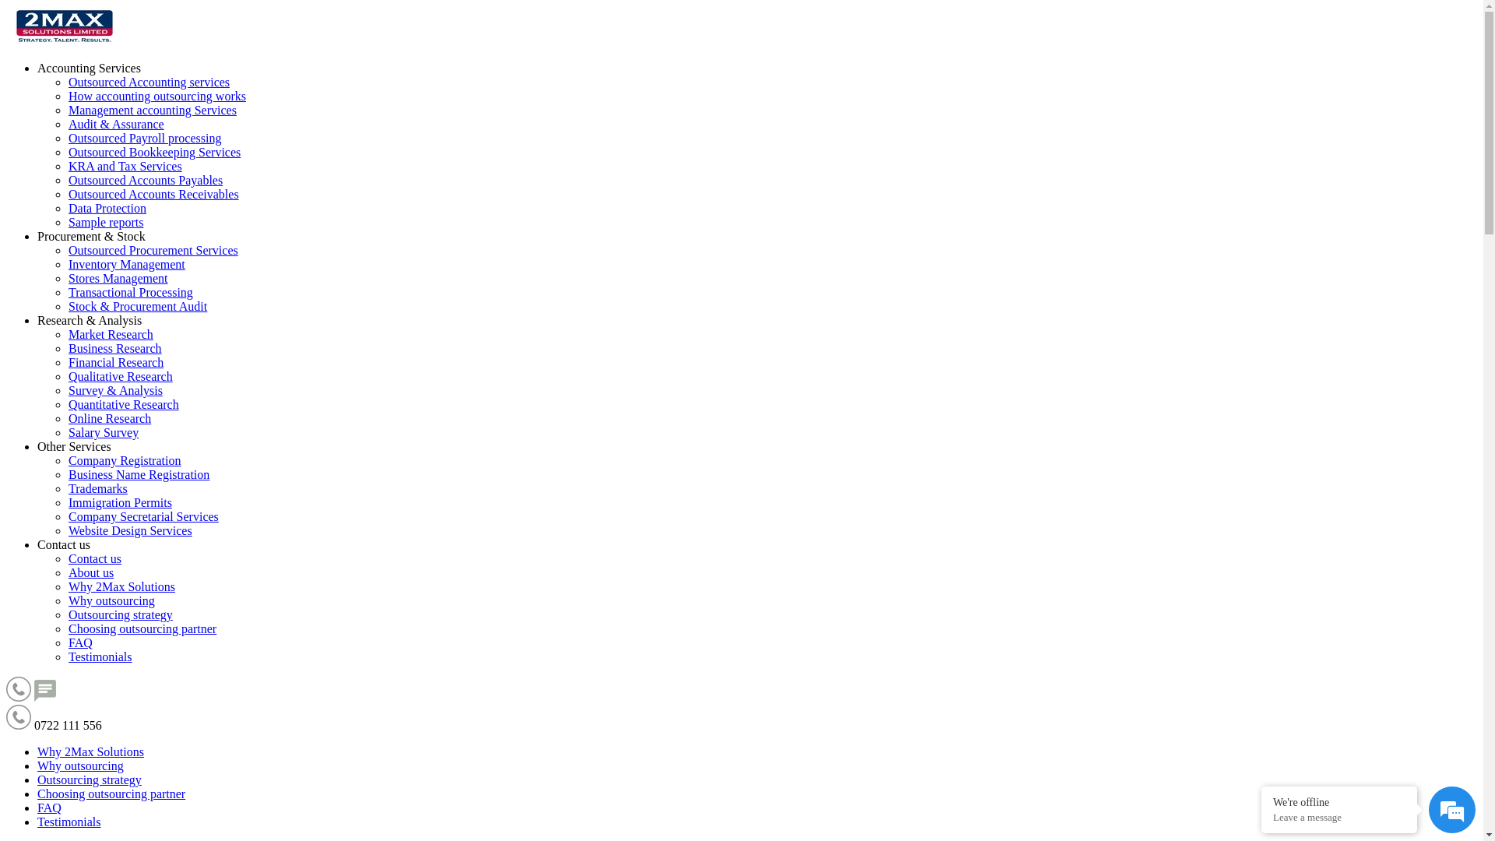  Describe the element at coordinates (67, 222) in the screenshot. I see `'Sample reports'` at that location.